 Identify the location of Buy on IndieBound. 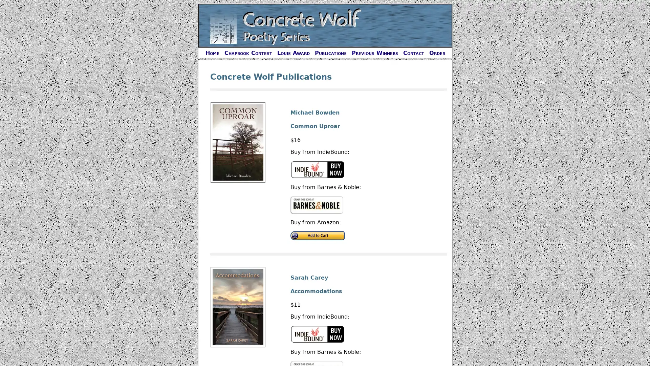
(317, 169).